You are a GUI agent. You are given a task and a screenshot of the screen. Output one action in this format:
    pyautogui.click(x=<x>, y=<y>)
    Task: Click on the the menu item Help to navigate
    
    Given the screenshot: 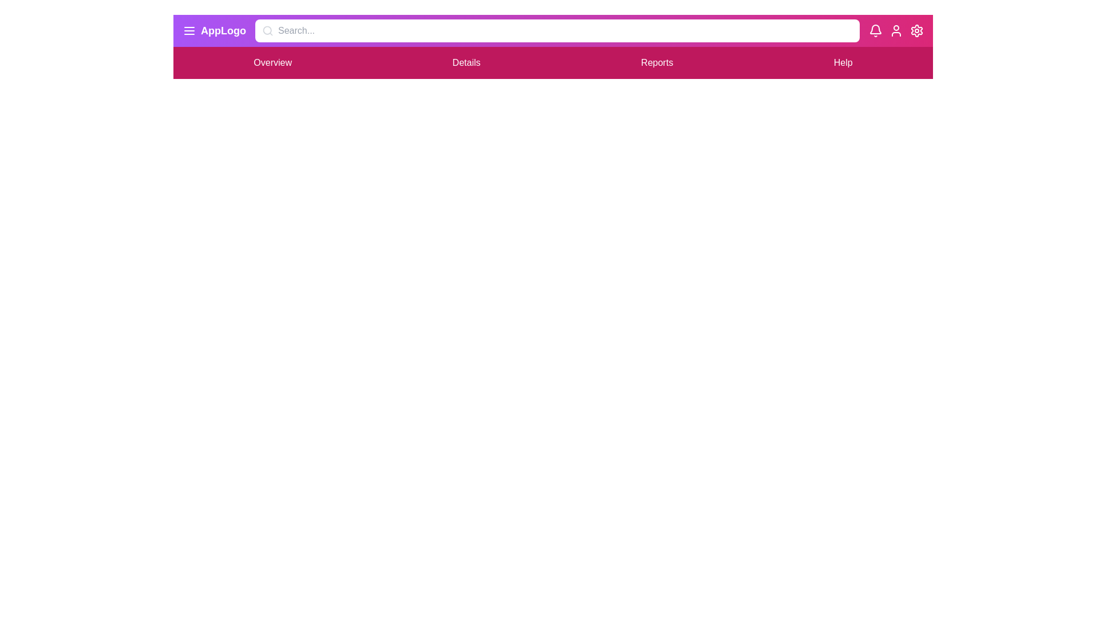 What is the action you would take?
    pyautogui.click(x=843, y=63)
    